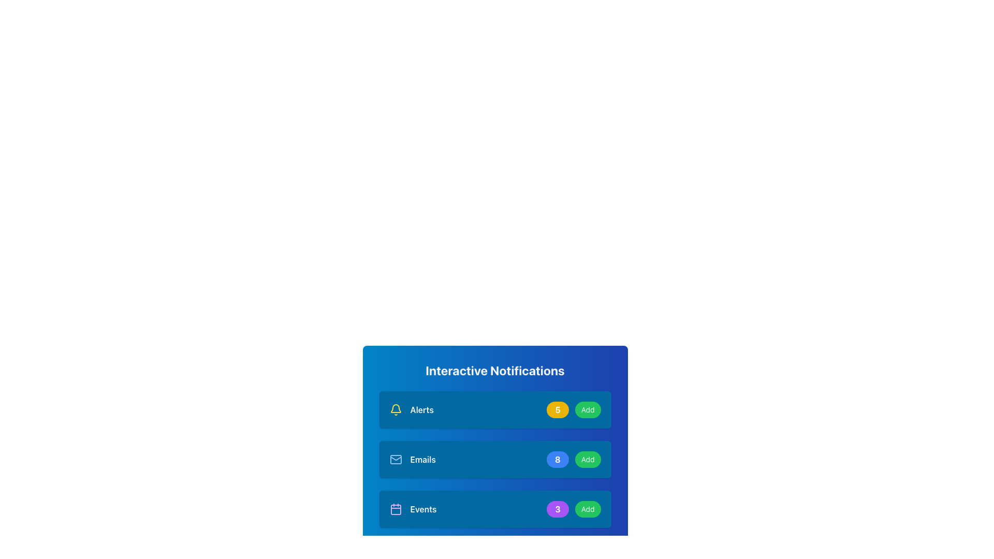 Image resolution: width=994 pixels, height=559 pixels. Describe the element at coordinates (412, 508) in the screenshot. I see `the 'Events' label with calendar icon for accessibility by moving the cursor to its center point` at that location.